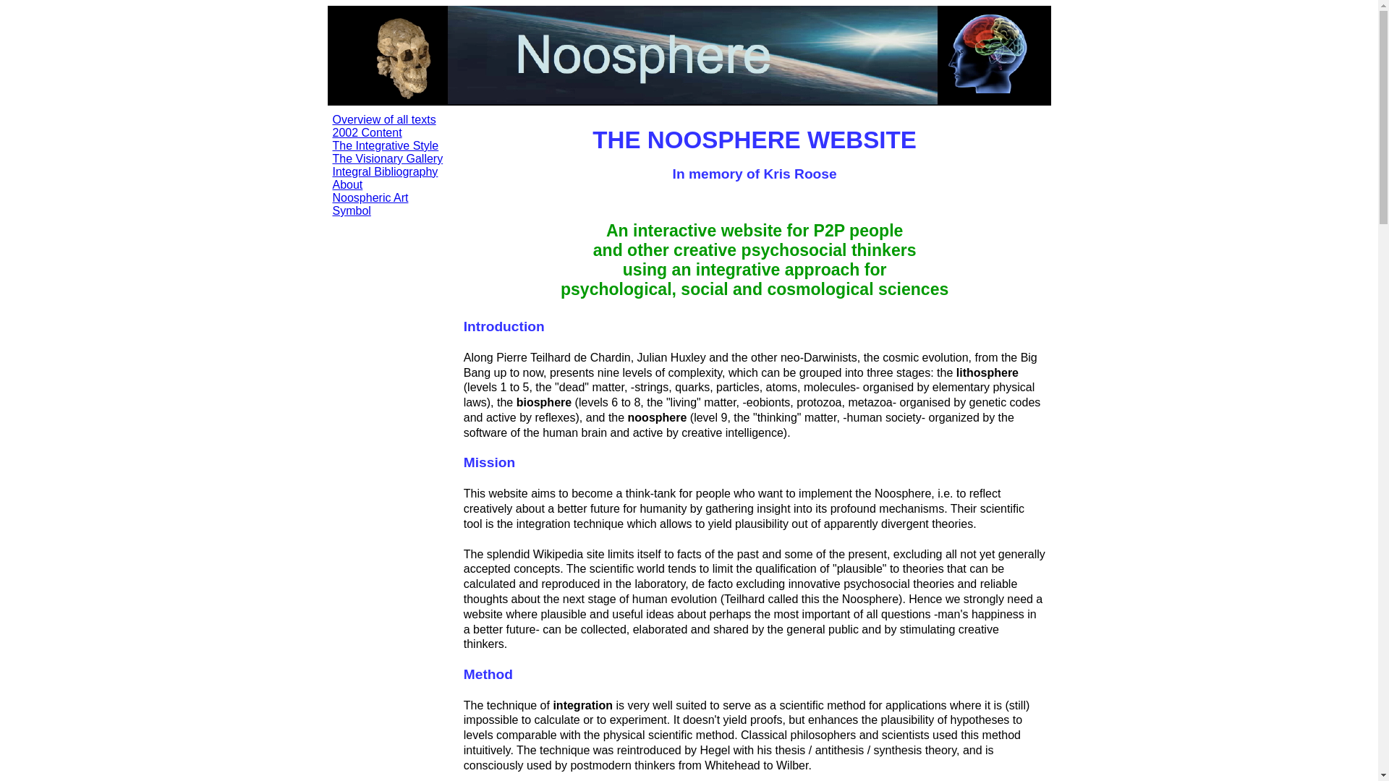 The height and width of the screenshot is (781, 1389). What do you see at coordinates (385, 171) in the screenshot?
I see `'Integral Bibliography'` at bounding box center [385, 171].